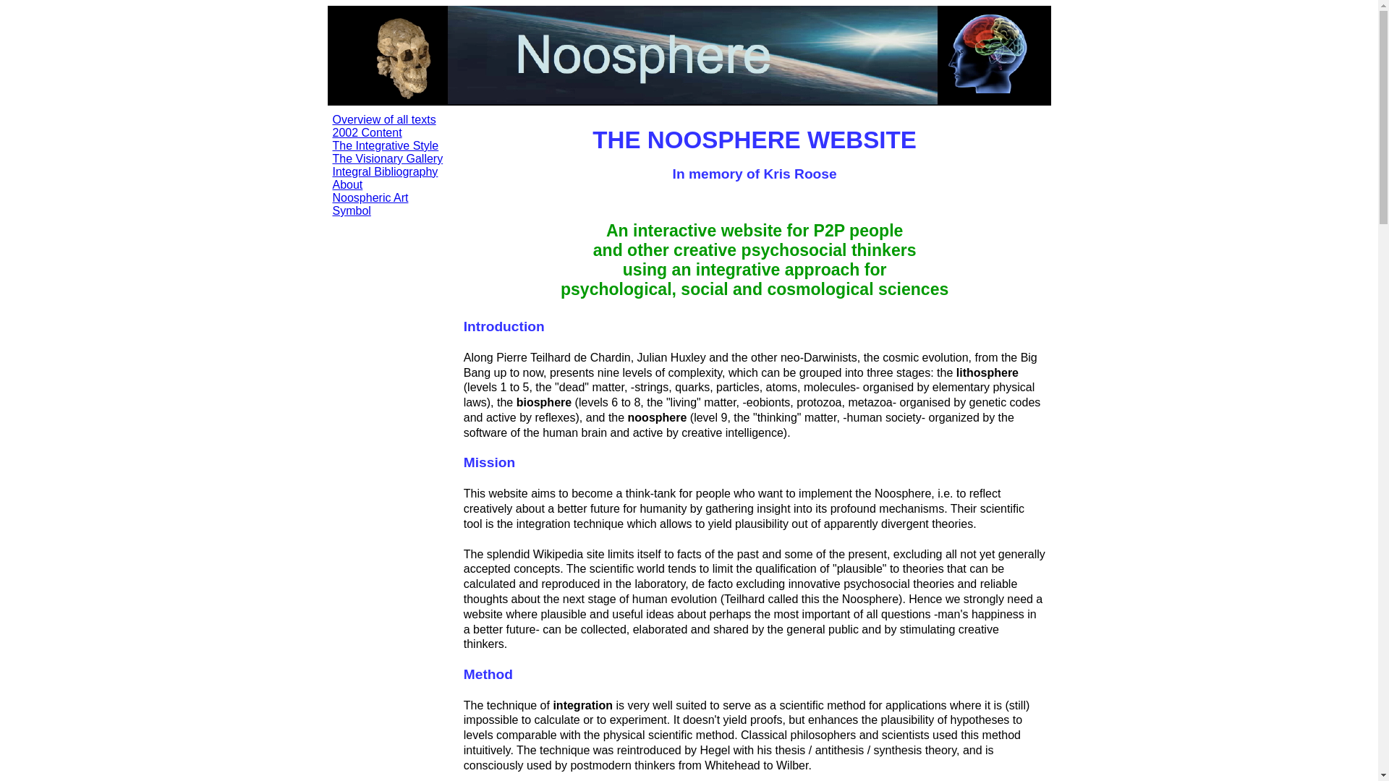 The height and width of the screenshot is (781, 1389). What do you see at coordinates (385, 171) in the screenshot?
I see `'Integral Bibliography'` at bounding box center [385, 171].